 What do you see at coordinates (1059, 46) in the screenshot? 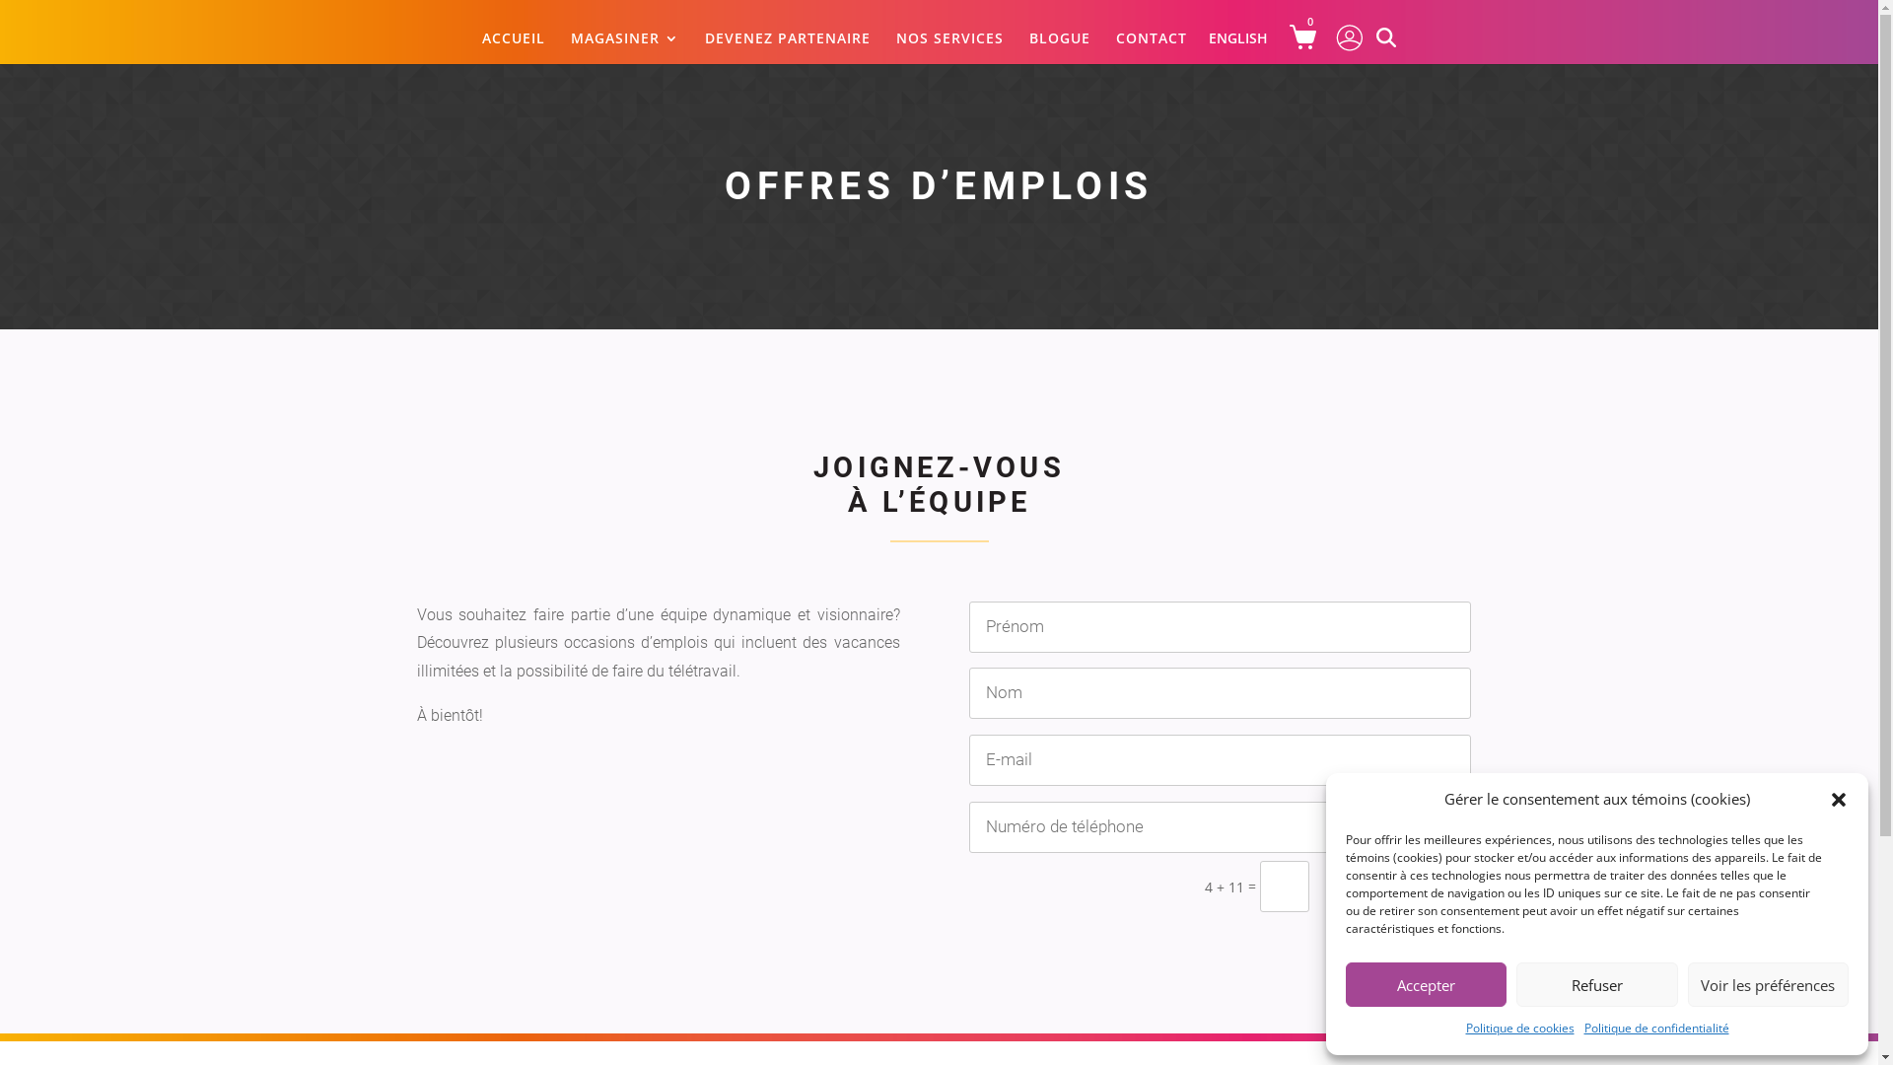
I see `'BLOGUE'` at bounding box center [1059, 46].